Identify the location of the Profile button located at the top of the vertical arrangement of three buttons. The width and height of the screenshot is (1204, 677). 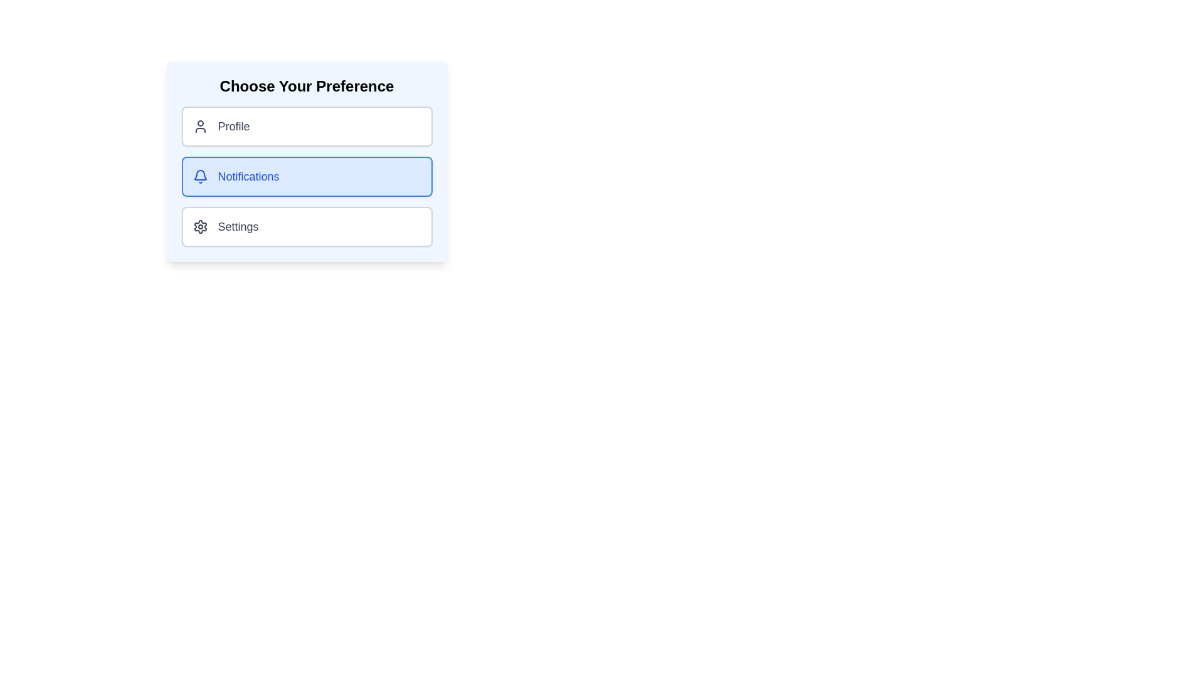
(307, 126).